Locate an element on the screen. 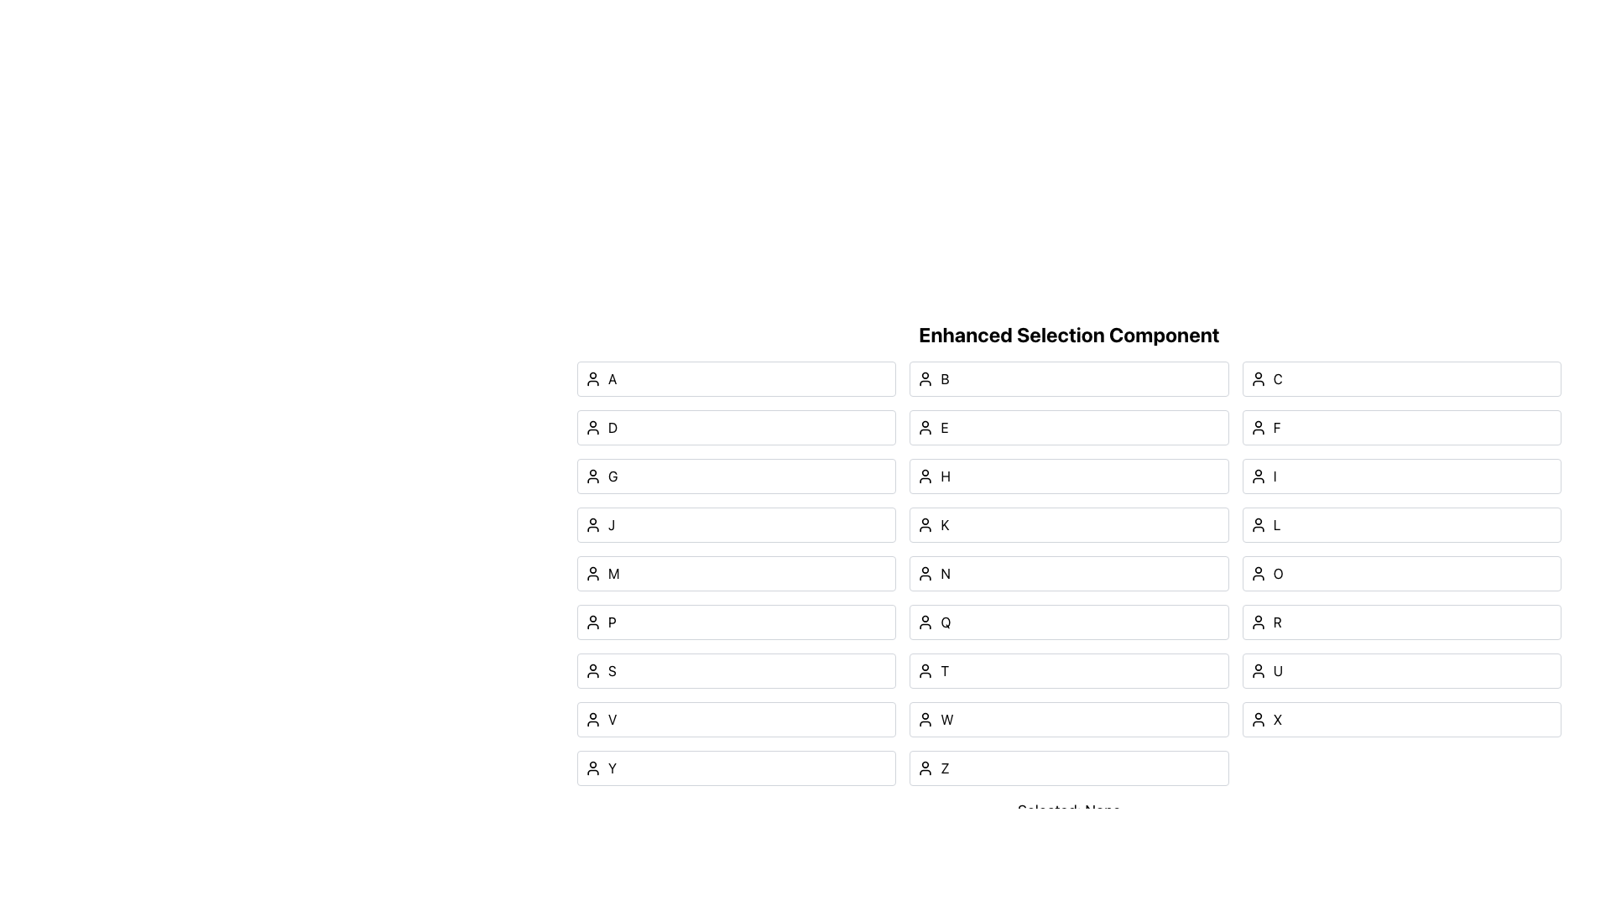 The width and height of the screenshot is (1611, 906). the user profile identifier icon located in the box containing the letter 'R' in the fifth column and fourth row of the Enhanced Selection Component interface is located at coordinates (1258, 622).